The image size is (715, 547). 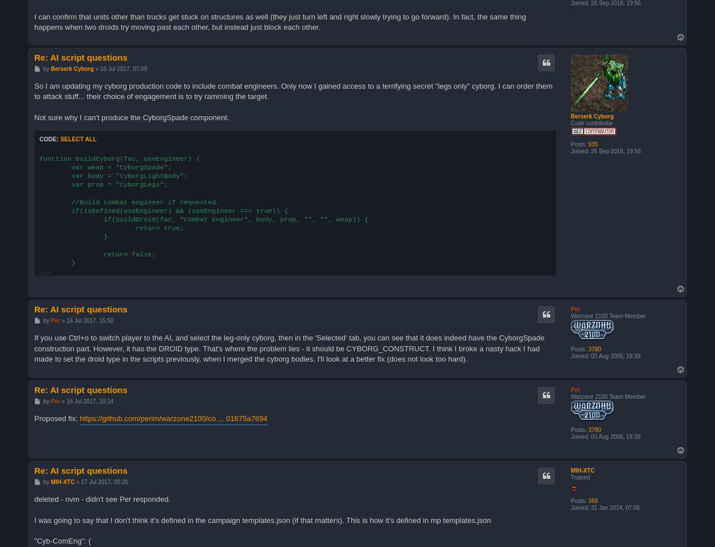 What do you see at coordinates (203, 215) in the screenshot?
I see `'function buildCyborg(fac, useEngineer) {
	var weap = "CyborgSpade";
	var body = "CyborgLightBody";
	var prop = "CyborgLegs";

	//Build combat engineer if requested.
	if(isDefined(useEngineer) && (useEngineer === true)) {
		if(buildDroid(fac, "Combat Engineer", body, prop, "", "", weap)) {
			return true;
		}

		return false;
	}
...'` at bounding box center [203, 215].